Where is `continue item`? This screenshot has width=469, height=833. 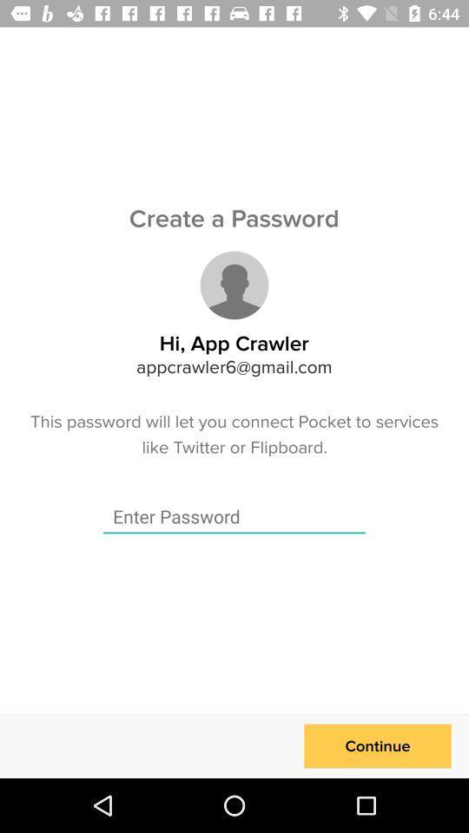
continue item is located at coordinates (377, 745).